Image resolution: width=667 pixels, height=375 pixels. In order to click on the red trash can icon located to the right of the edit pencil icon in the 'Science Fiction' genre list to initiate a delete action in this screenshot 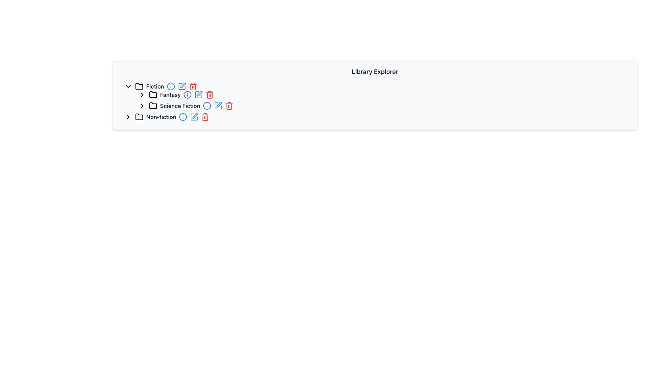, I will do `click(229, 106)`.